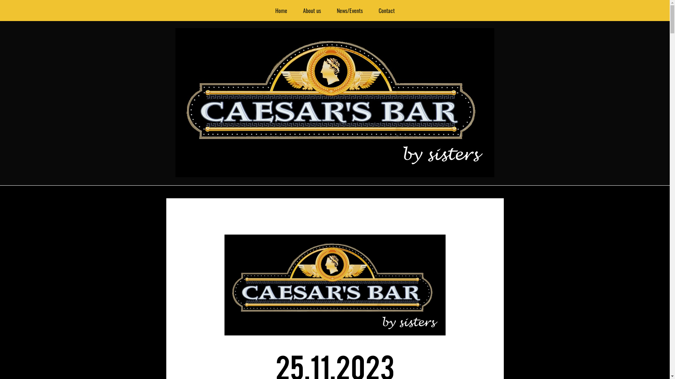 The height and width of the screenshot is (379, 675). I want to click on 'Contact', so click(386, 11).